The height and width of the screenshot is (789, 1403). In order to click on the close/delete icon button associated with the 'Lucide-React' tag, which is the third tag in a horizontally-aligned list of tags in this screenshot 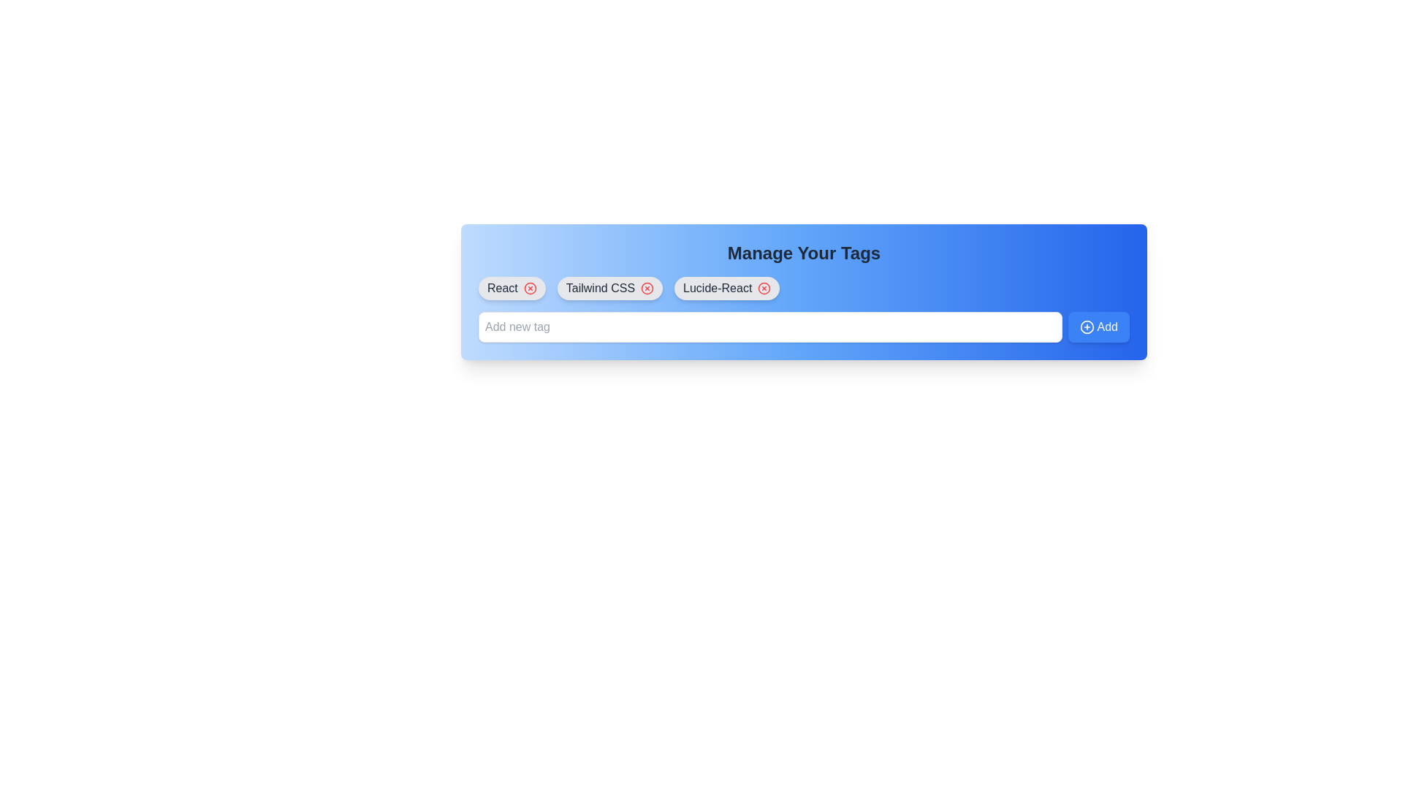, I will do `click(764, 288)`.